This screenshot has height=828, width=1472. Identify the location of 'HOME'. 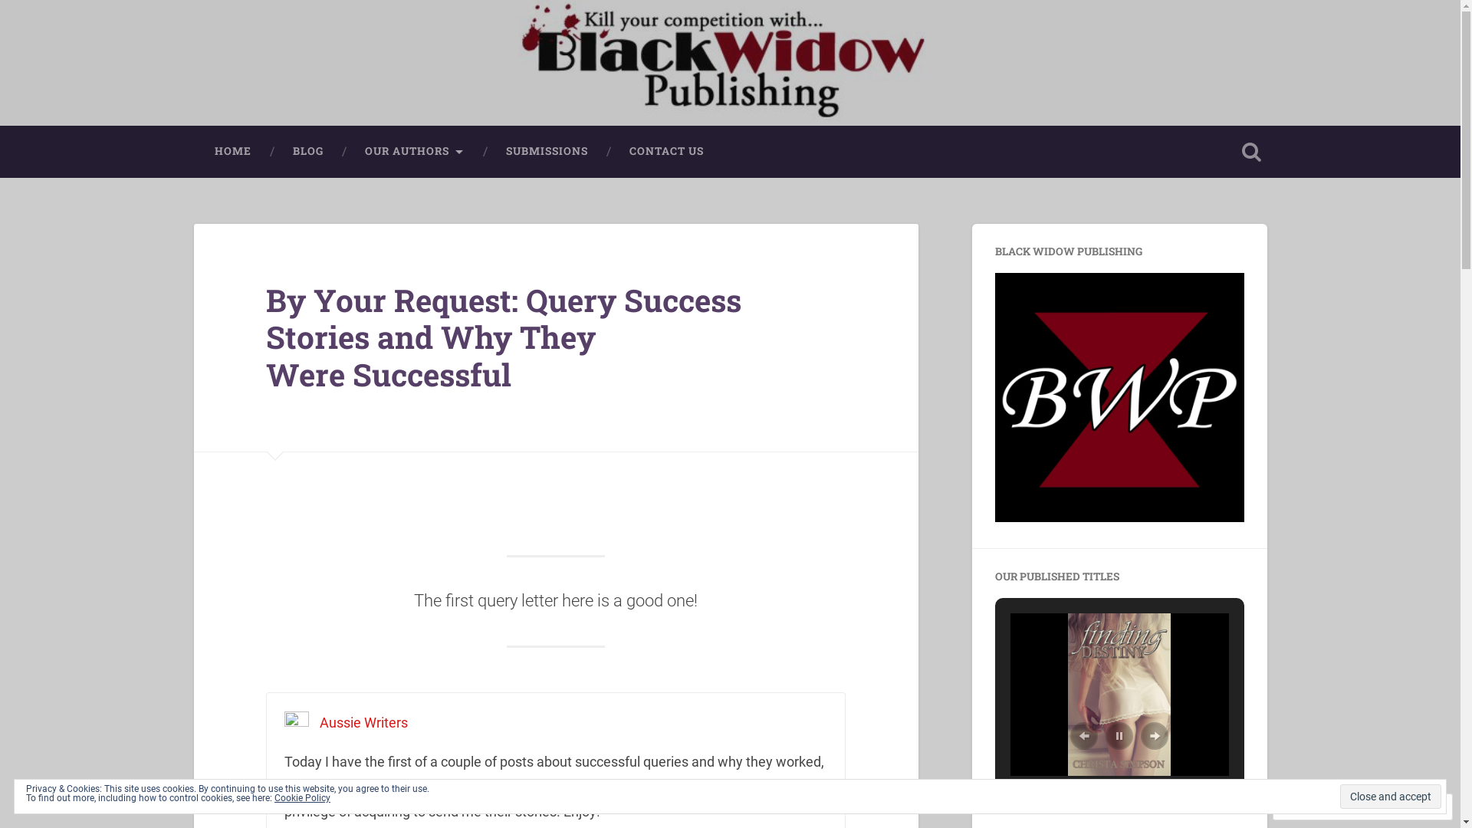
(231, 151).